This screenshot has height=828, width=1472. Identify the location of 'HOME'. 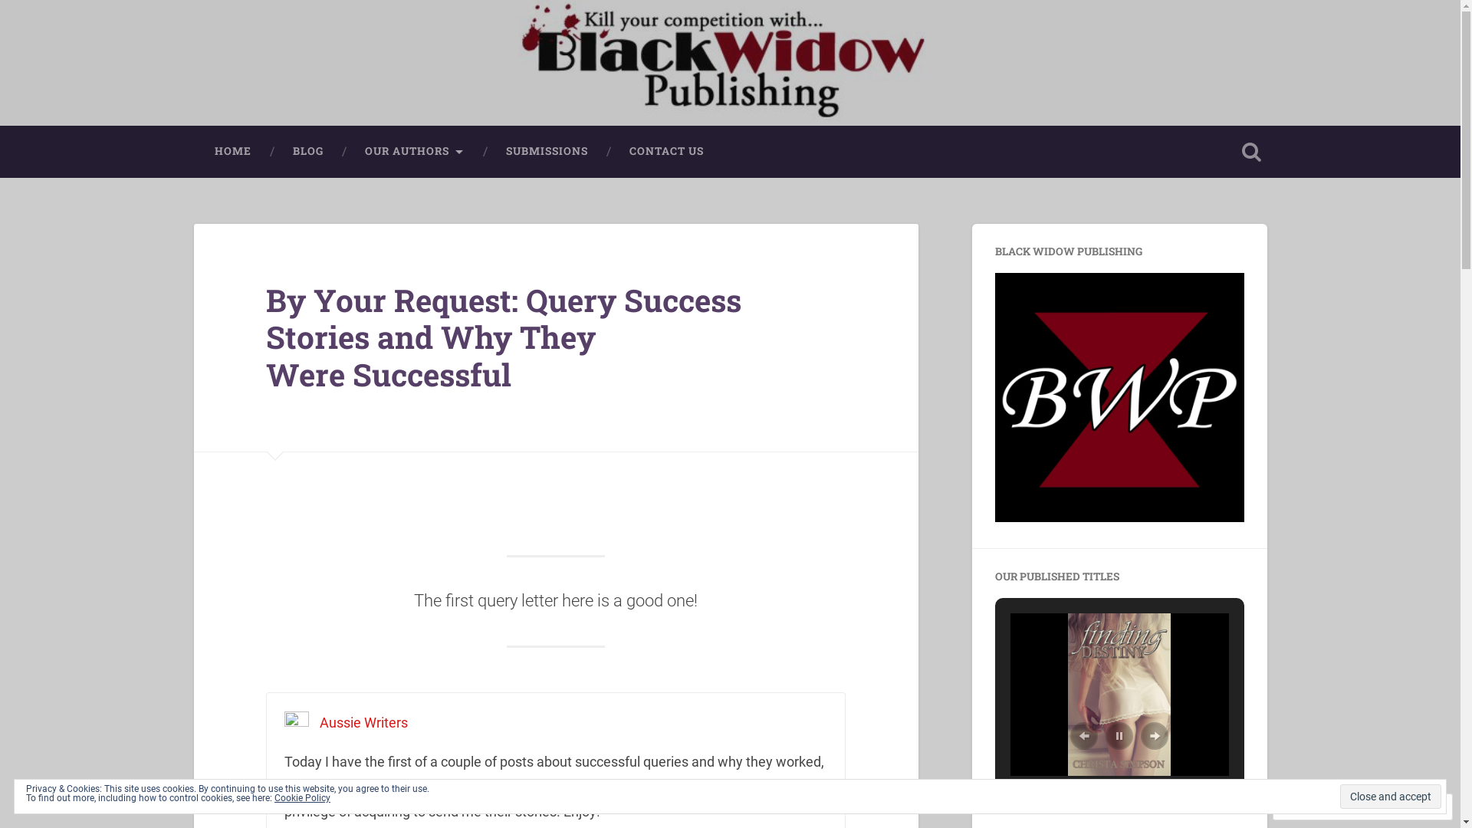
(231, 151).